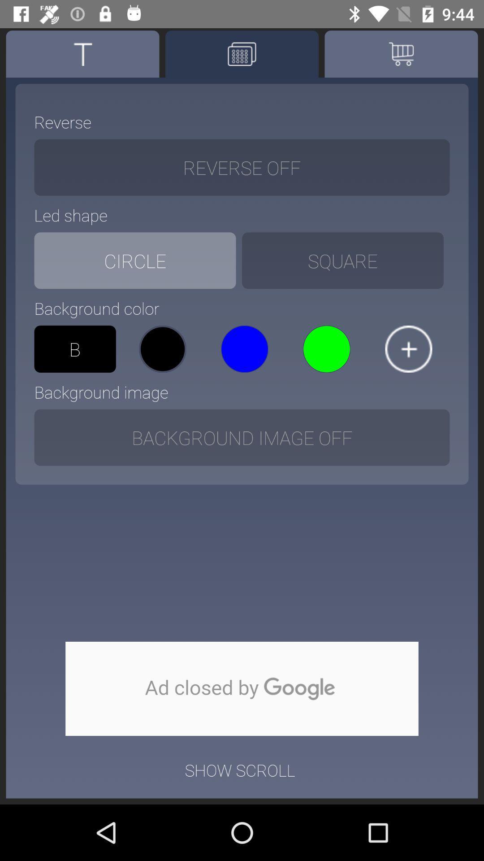  Describe the element at coordinates (242, 688) in the screenshot. I see `google option` at that location.